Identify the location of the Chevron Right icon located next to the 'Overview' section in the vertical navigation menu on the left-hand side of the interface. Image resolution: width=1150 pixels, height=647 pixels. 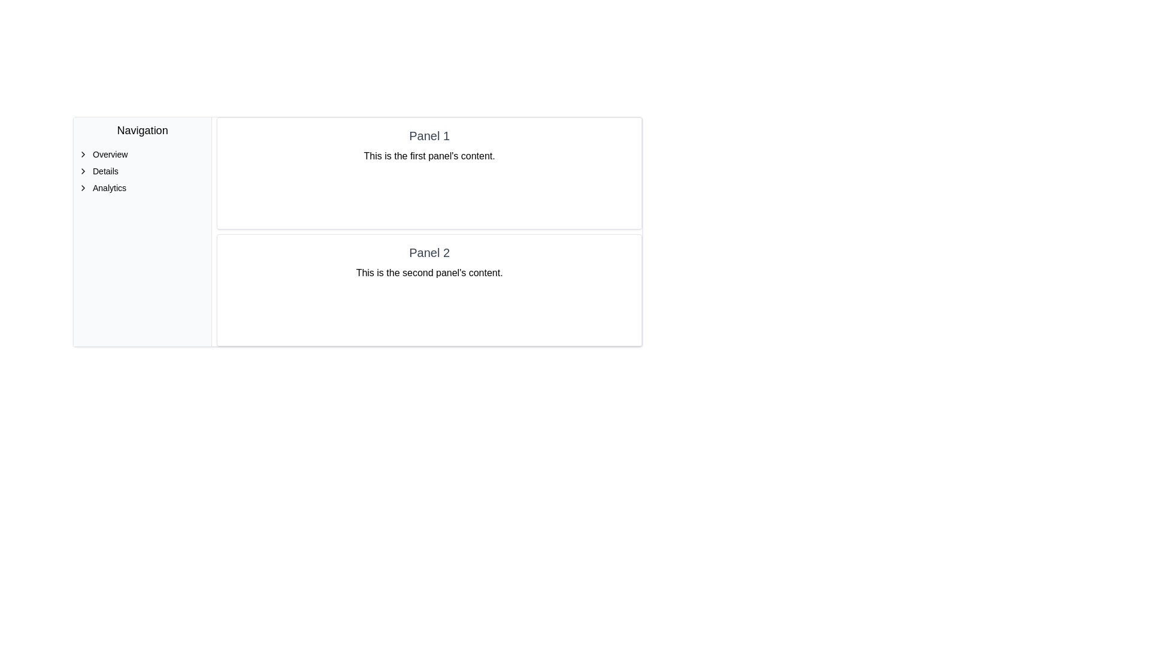
(83, 154).